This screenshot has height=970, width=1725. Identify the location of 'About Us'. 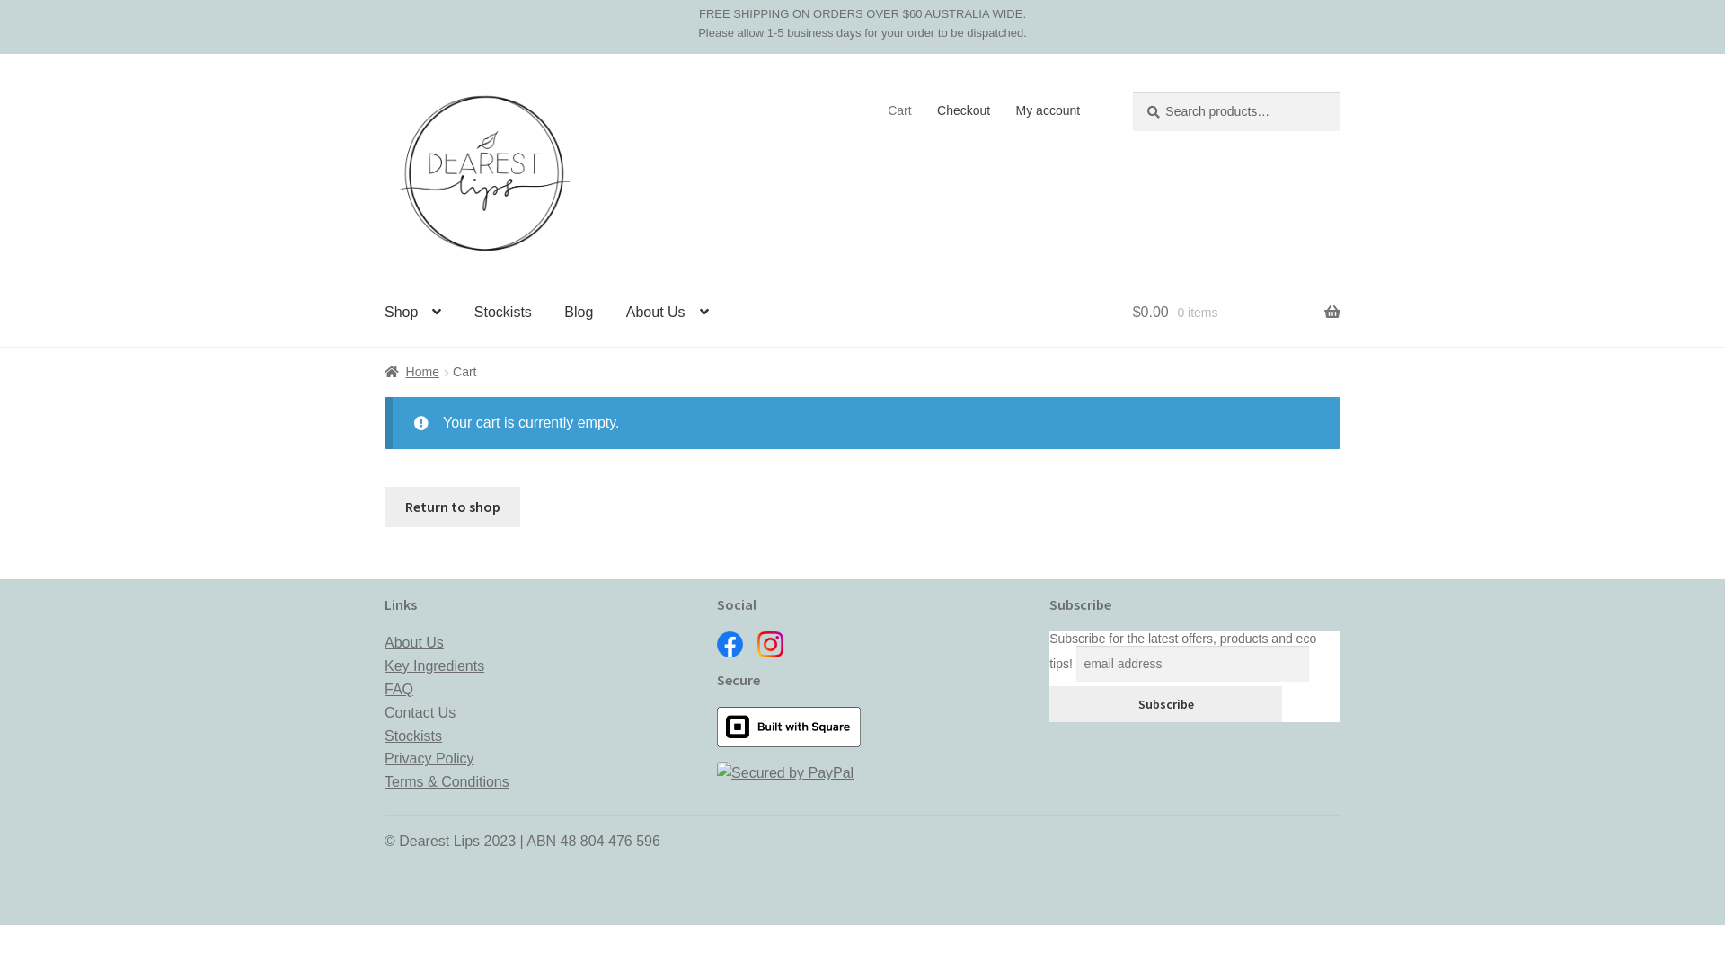
(667, 311).